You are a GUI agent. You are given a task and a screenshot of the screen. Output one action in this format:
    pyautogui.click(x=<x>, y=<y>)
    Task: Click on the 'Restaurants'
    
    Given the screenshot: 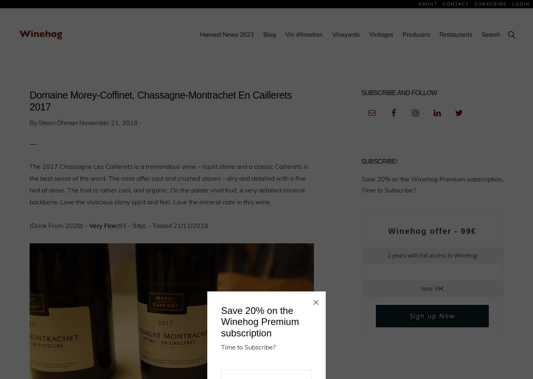 What is the action you would take?
    pyautogui.click(x=439, y=34)
    